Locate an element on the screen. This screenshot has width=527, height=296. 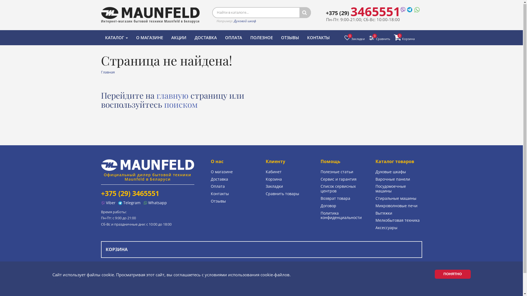
'Telegram' is located at coordinates (129, 203).